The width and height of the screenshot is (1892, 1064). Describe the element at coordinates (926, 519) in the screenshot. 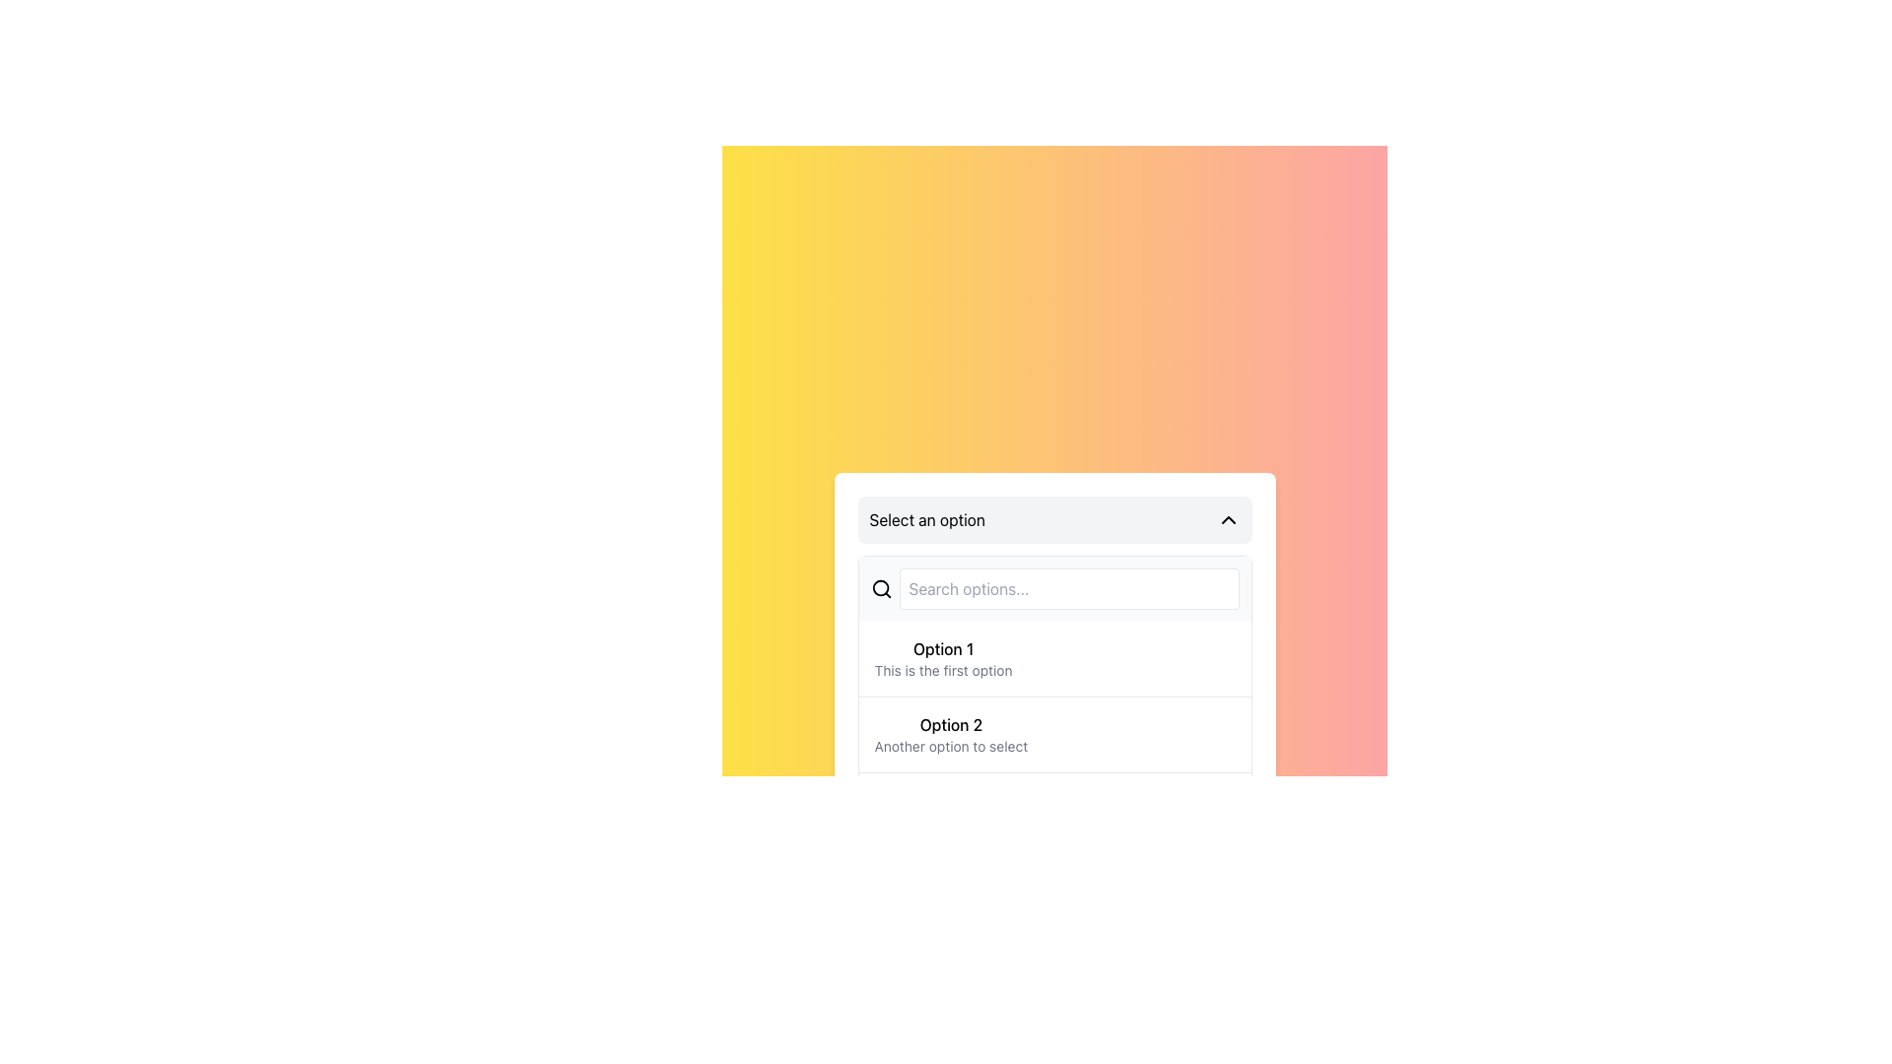

I see `the Text Label that indicates the dropdown menu's purpose, showing instructions such as 'Select an option'` at that location.